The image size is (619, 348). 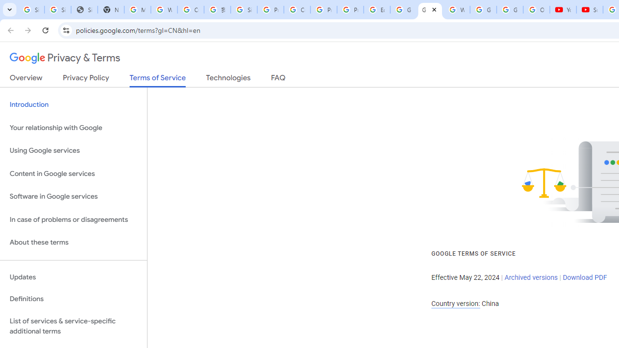 What do you see at coordinates (73, 242) in the screenshot?
I see `'About these terms'` at bounding box center [73, 242].